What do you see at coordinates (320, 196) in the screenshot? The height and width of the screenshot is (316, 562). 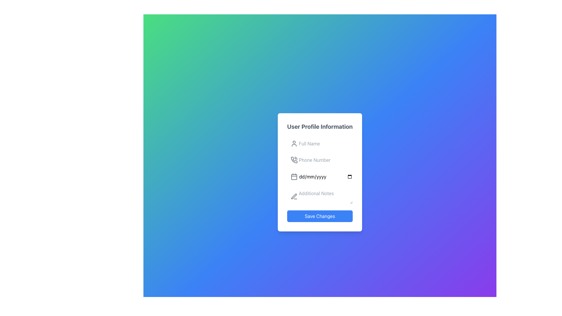 I see `inside the Text Input field that allows users to input additional notes or comments, focusing on it for user input` at bounding box center [320, 196].